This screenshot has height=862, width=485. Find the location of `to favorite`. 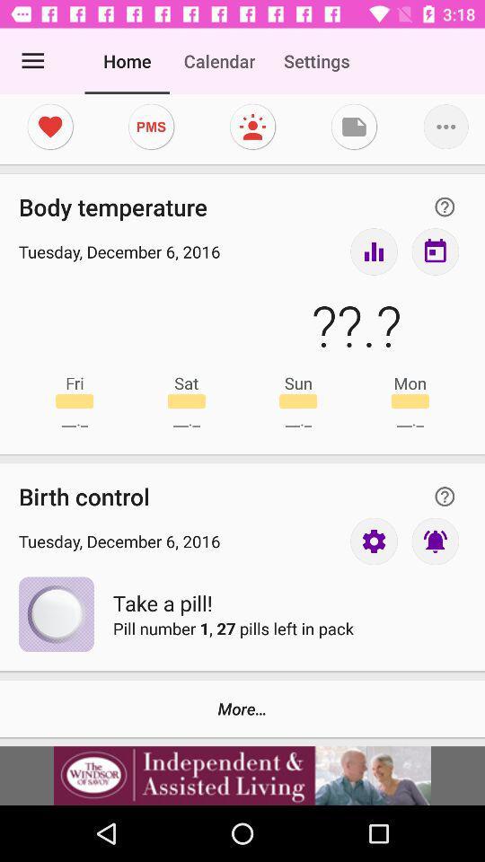

to favorite is located at coordinates (50, 126).